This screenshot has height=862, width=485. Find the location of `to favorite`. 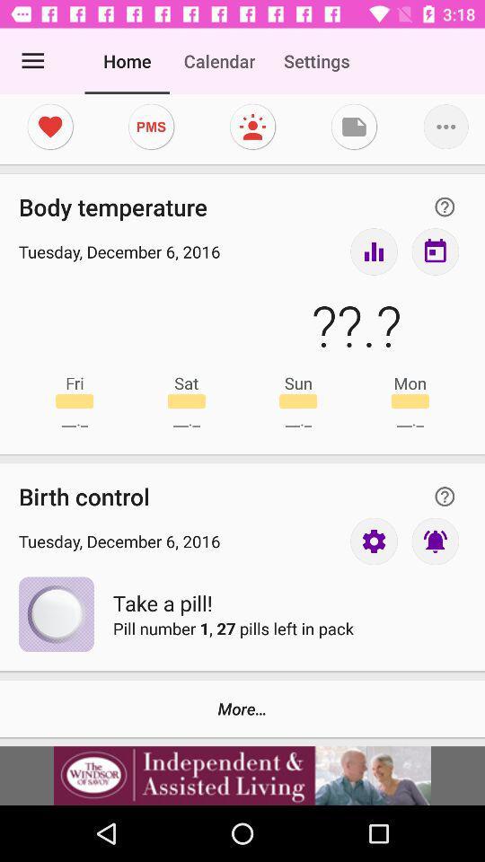

to favorite is located at coordinates (50, 126).